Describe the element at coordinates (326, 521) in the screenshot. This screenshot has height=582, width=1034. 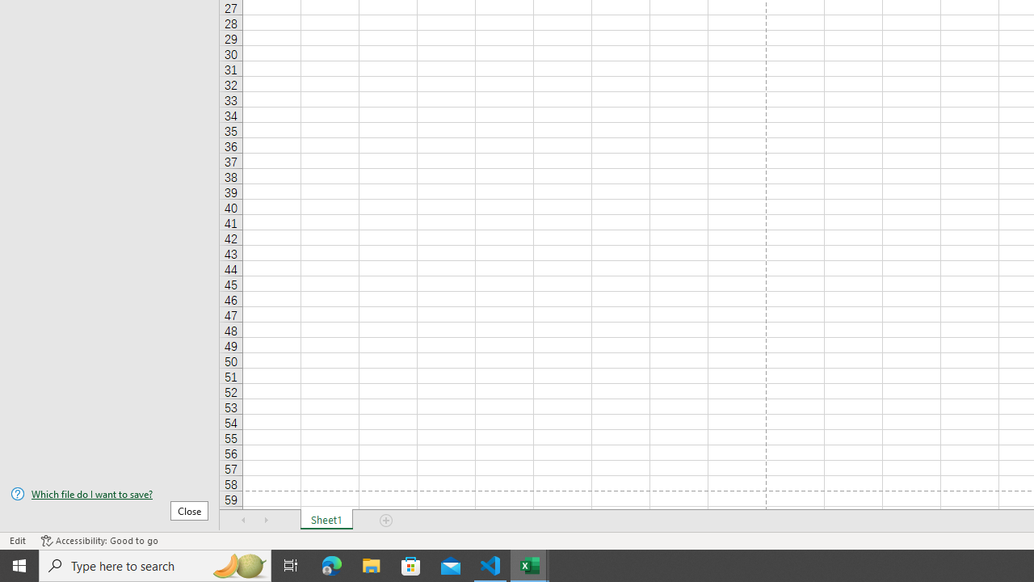
I see `'Sheet1'` at that location.